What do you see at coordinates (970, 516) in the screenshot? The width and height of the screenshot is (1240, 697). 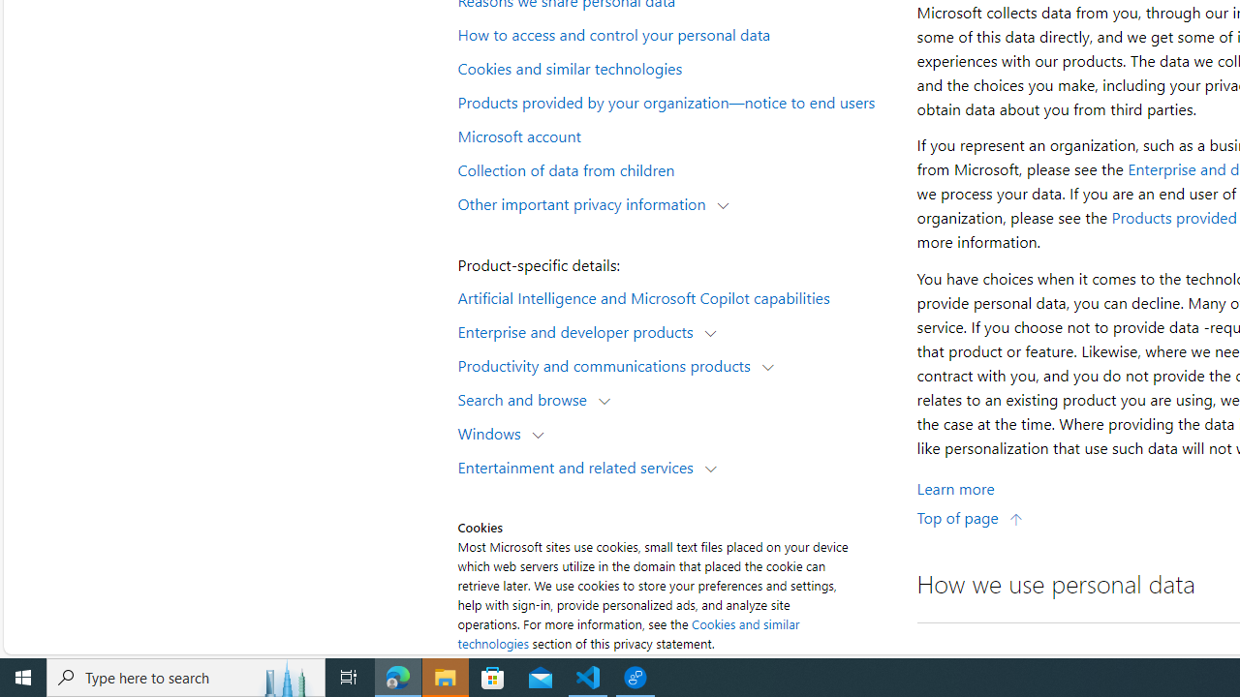 I see `'Top of page'` at bounding box center [970, 516].